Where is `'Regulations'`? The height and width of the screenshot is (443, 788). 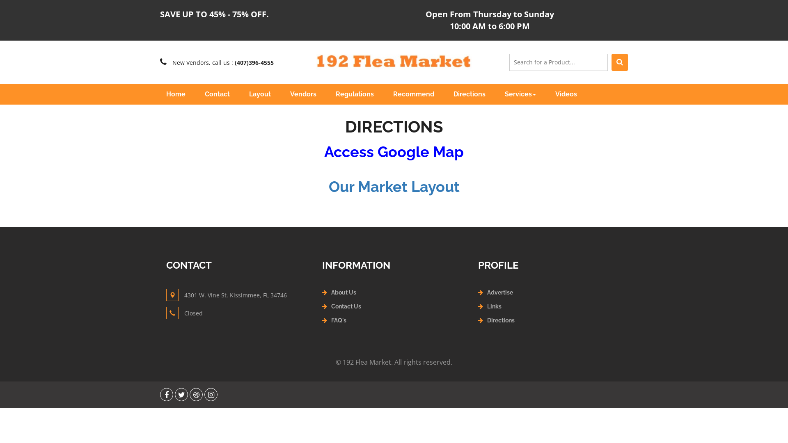 'Regulations' is located at coordinates (355, 94).